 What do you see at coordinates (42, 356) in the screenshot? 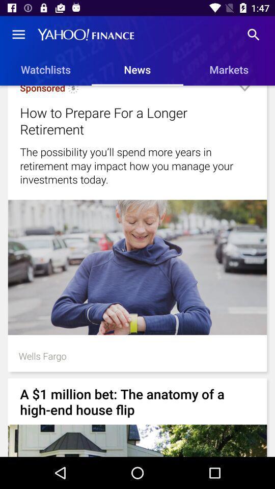
I see `item at the bottom left corner` at bounding box center [42, 356].